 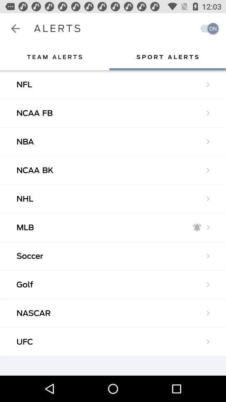 What do you see at coordinates (15, 28) in the screenshot?
I see `app to the left of alerts icon` at bounding box center [15, 28].